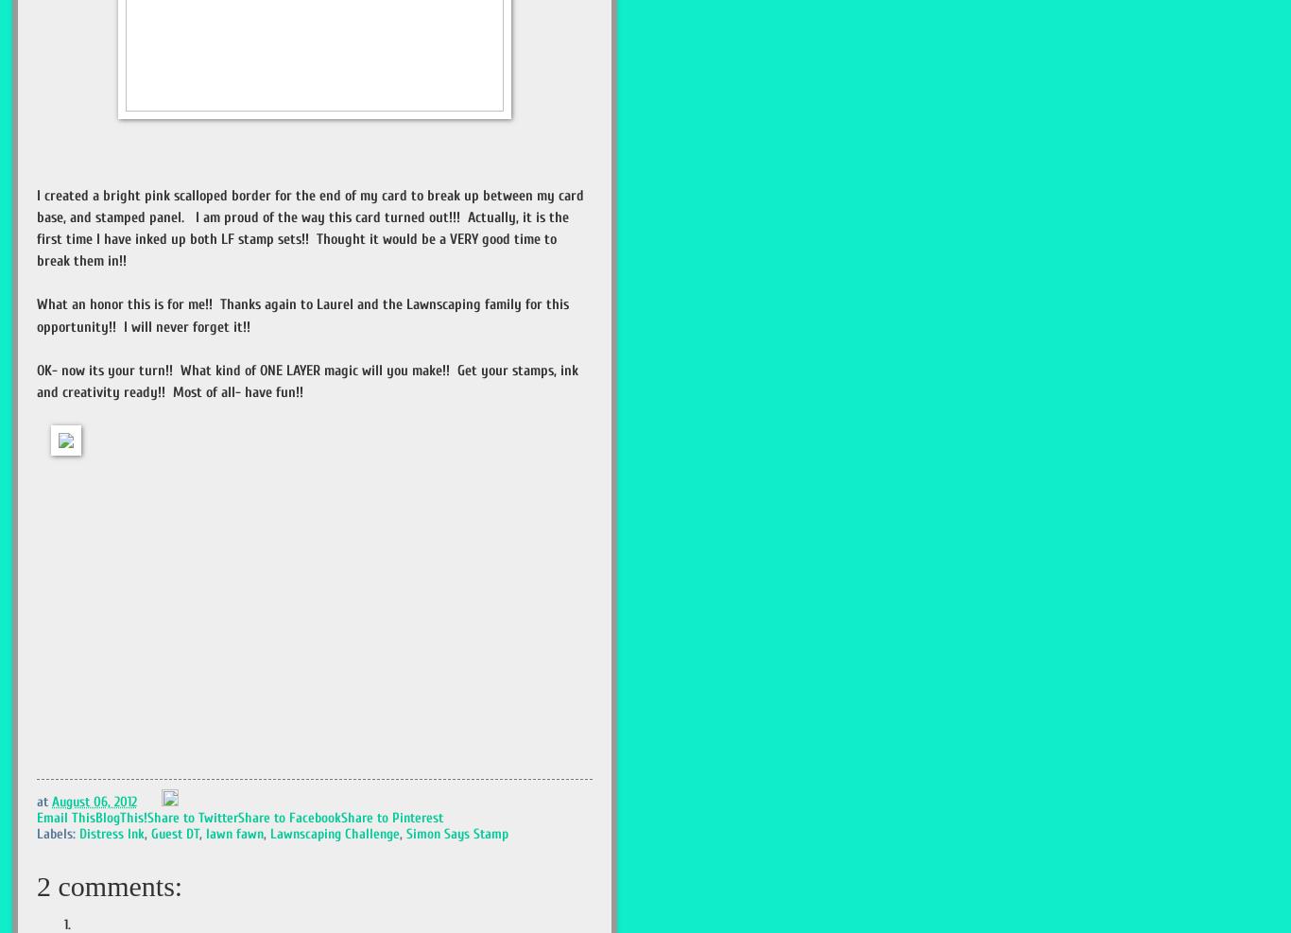  I want to click on 'Lawnscaping Challenge', so click(334, 833).